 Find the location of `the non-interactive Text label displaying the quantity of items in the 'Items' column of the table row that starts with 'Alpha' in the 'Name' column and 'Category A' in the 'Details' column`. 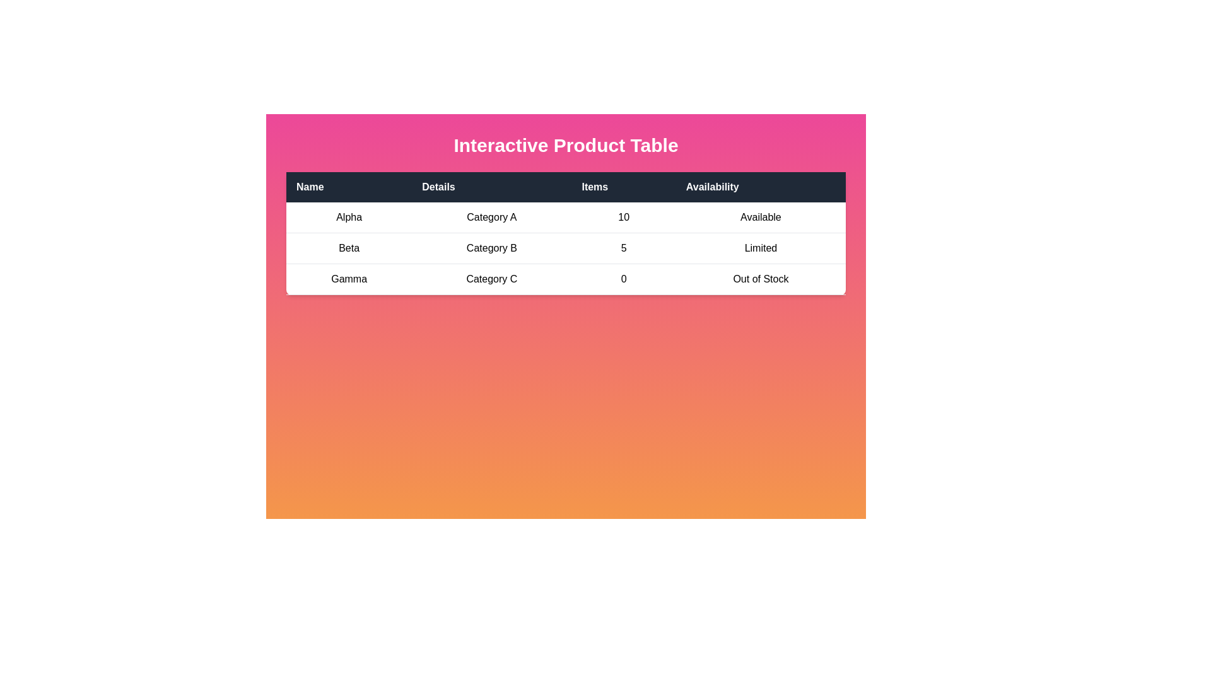

the non-interactive Text label displaying the quantity of items in the 'Items' column of the table row that starts with 'Alpha' in the 'Name' column and 'Category A' in the 'Details' column is located at coordinates (624, 217).